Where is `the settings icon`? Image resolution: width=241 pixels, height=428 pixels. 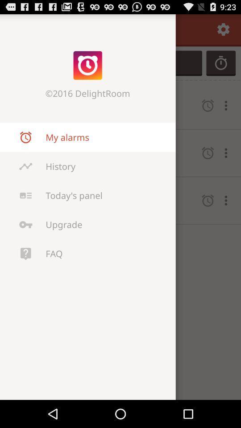
the settings icon is located at coordinates (223, 31).